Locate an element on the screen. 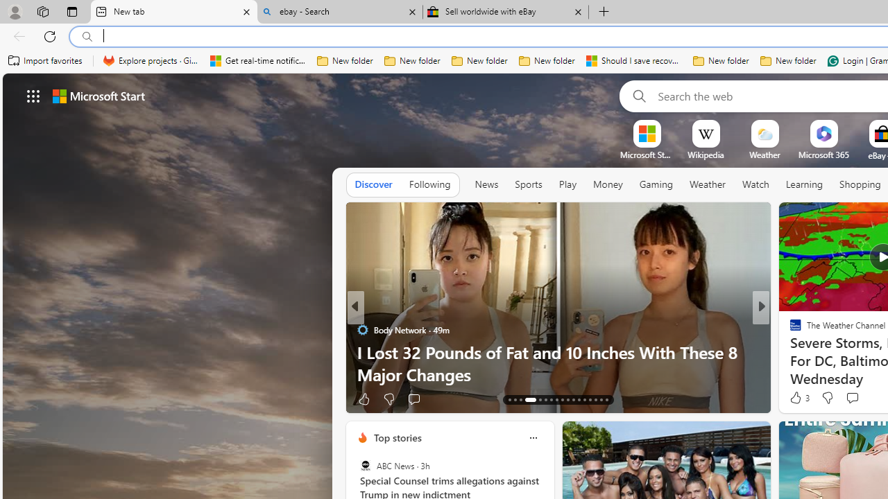 Image resolution: width=888 pixels, height=499 pixels. 'Microsoft 365' is located at coordinates (823, 155).